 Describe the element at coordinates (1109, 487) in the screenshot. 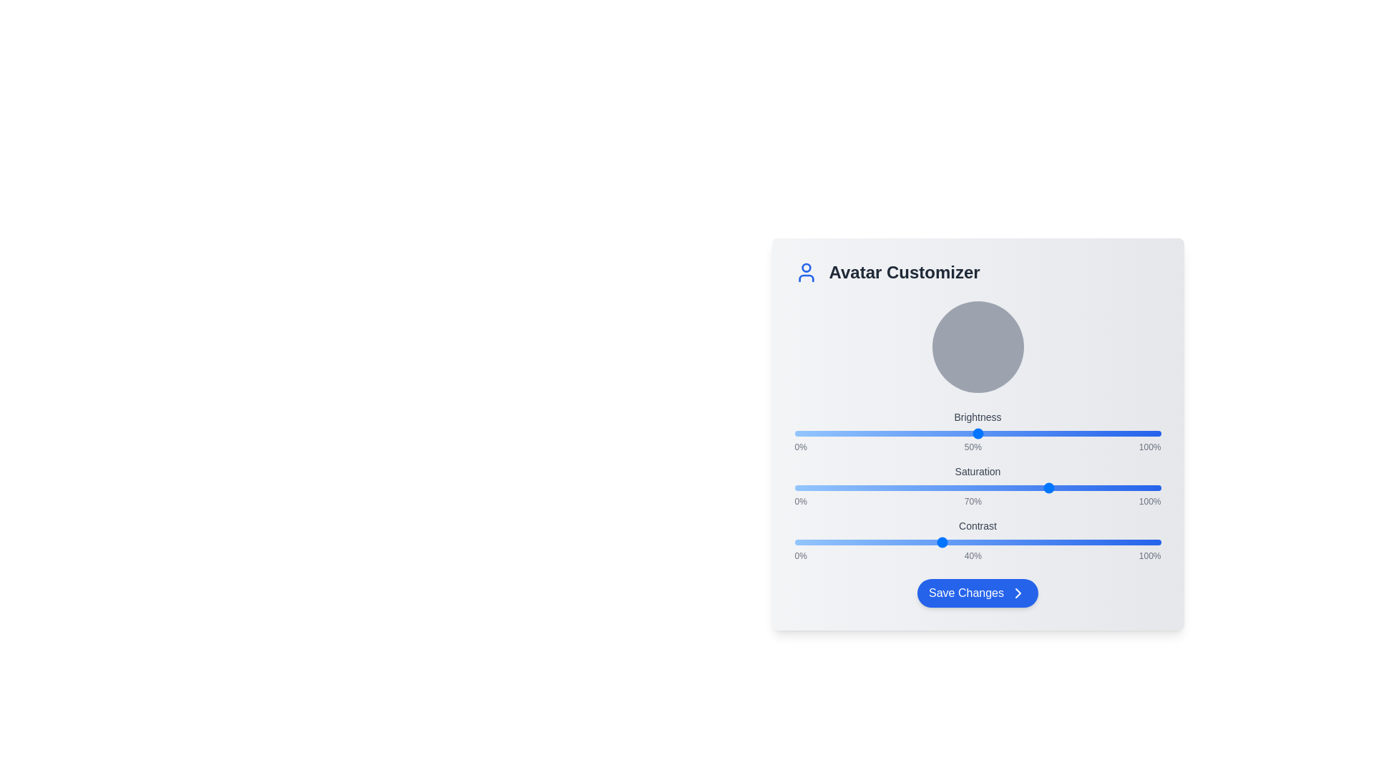

I see `the Saturation slider to 86%` at that location.